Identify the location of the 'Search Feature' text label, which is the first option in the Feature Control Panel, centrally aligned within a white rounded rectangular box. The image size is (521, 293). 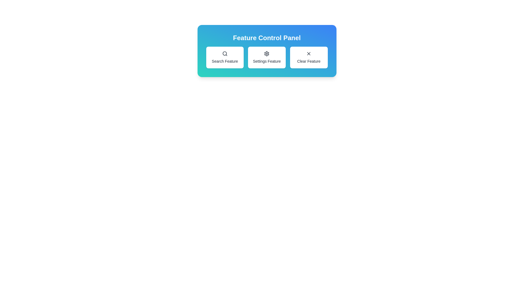
(225, 61).